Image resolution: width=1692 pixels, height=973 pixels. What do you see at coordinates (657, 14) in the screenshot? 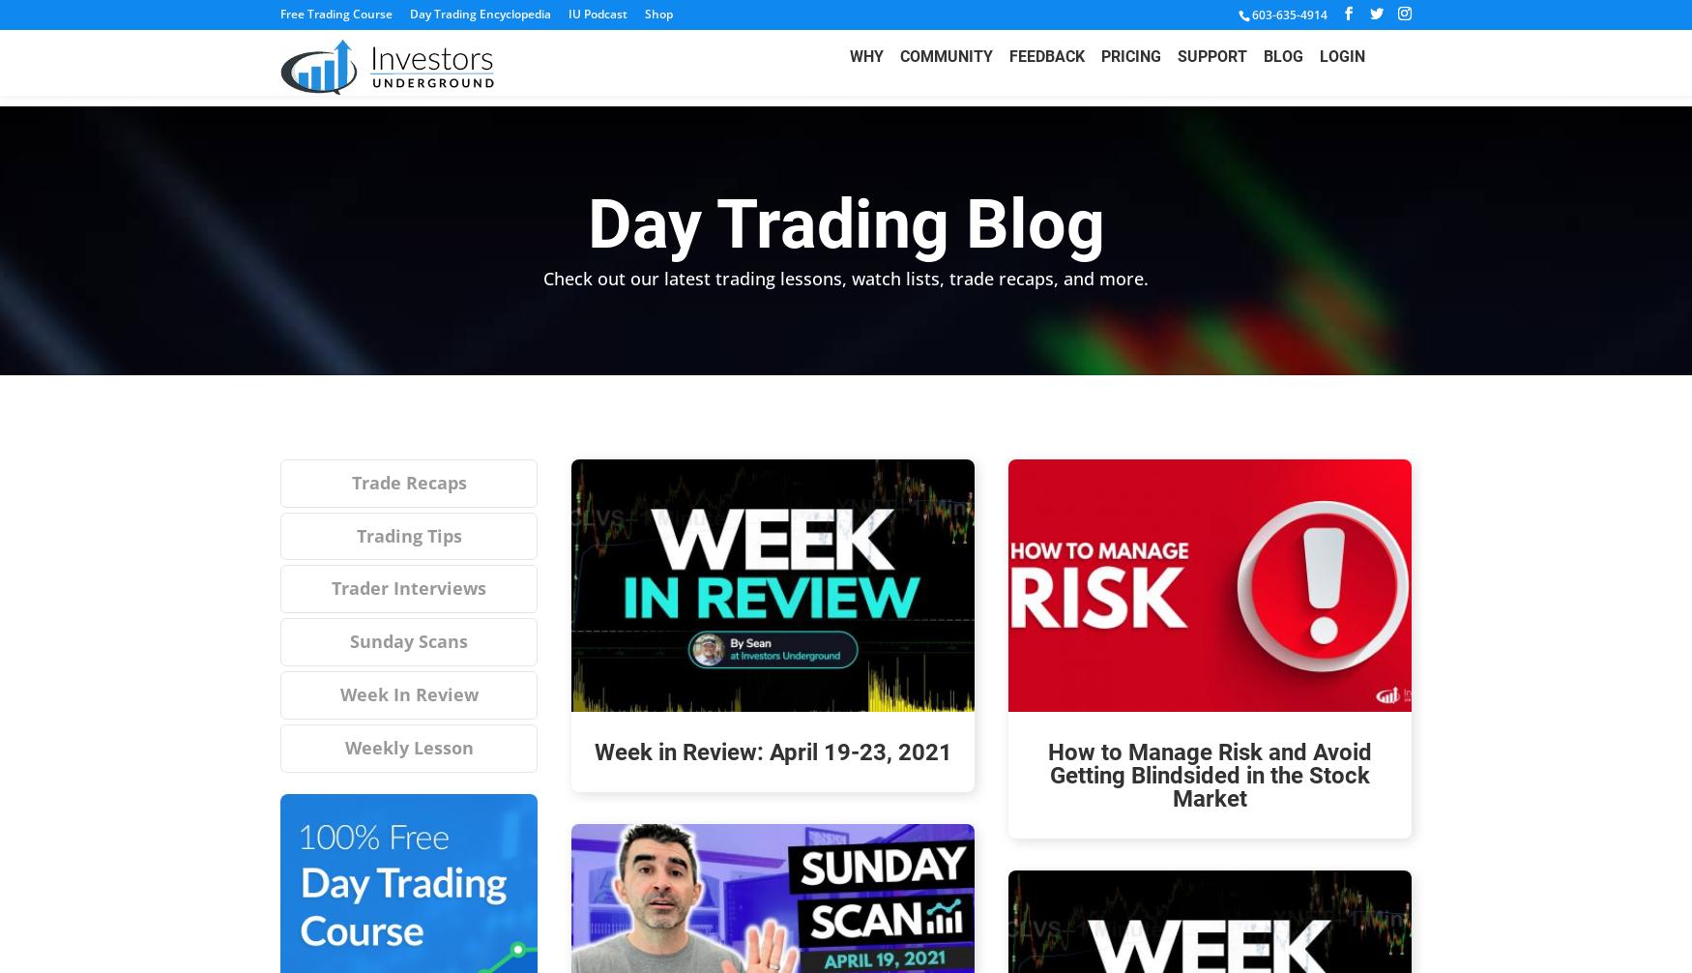
I see `'Shop'` at bounding box center [657, 14].